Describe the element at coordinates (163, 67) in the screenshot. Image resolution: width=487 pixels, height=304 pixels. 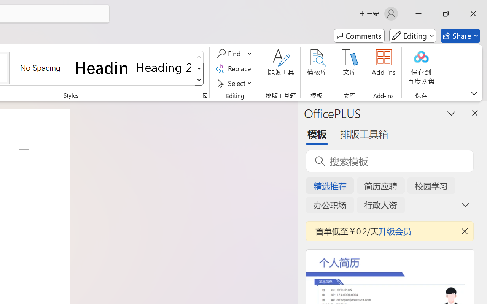
I see `'Heading 2'` at that location.